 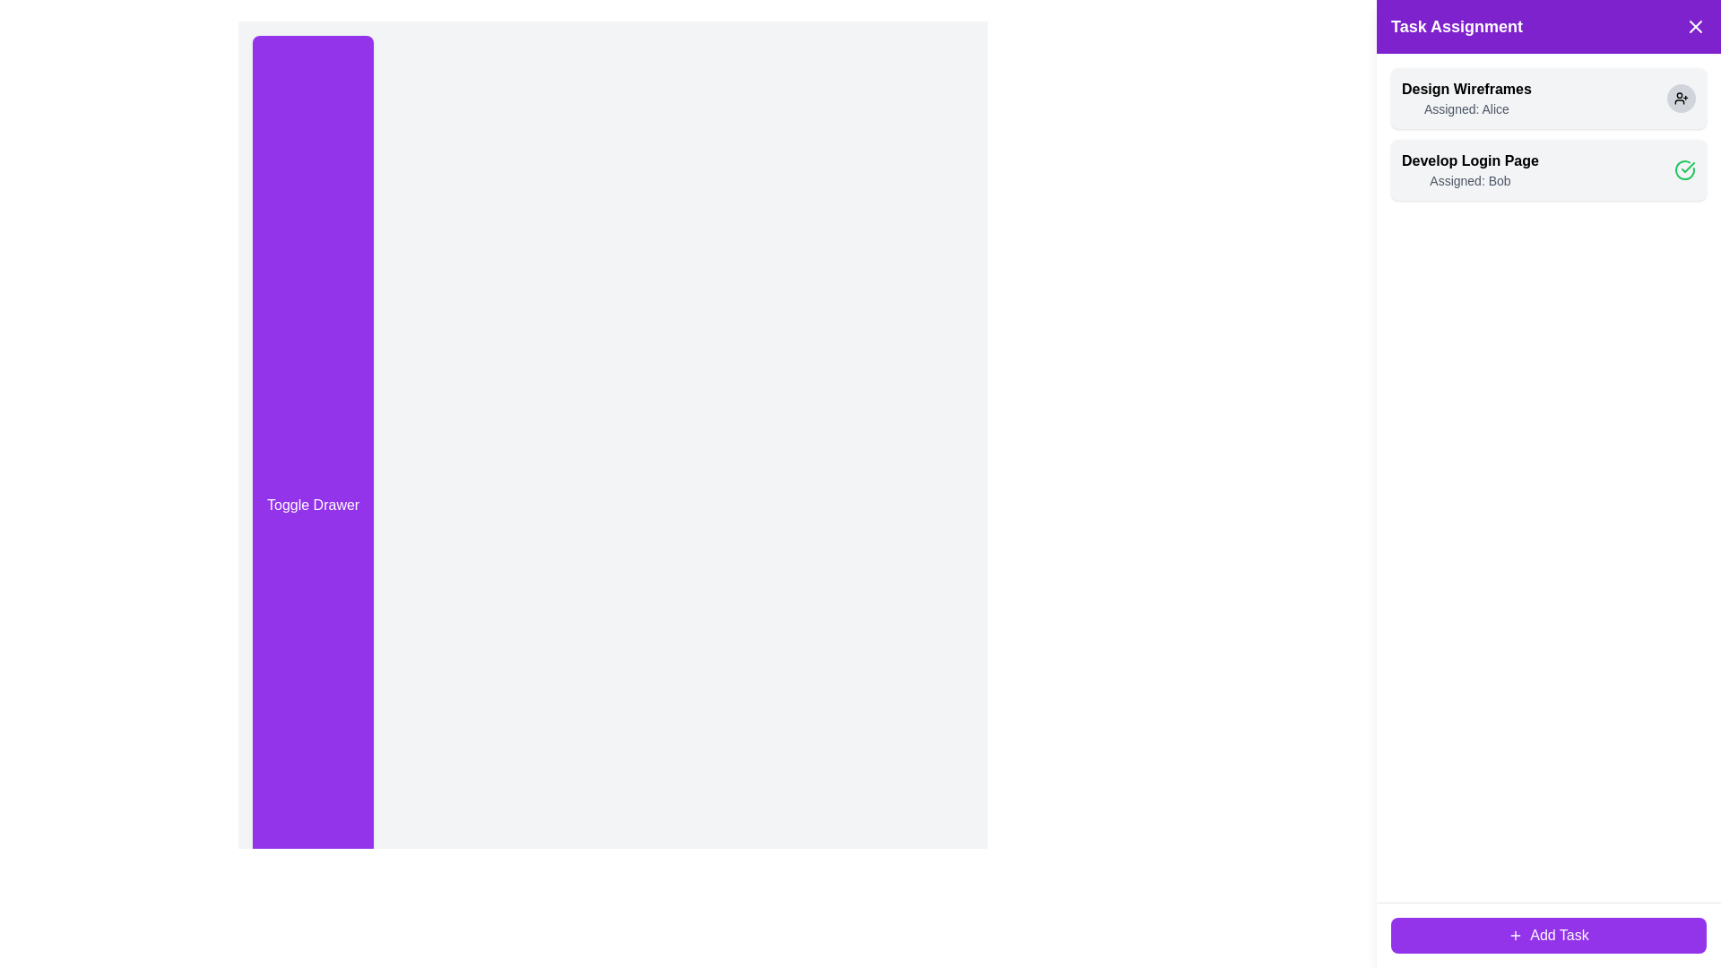 What do you see at coordinates (1515, 935) in the screenshot?
I see `the '+' icon within the 'Add Task' button located at the bottom-right corner of the interface` at bounding box center [1515, 935].